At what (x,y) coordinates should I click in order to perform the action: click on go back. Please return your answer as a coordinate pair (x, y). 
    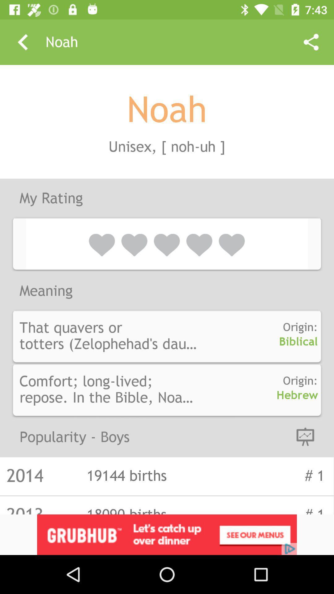
    Looking at the image, I should click on (22, 42).